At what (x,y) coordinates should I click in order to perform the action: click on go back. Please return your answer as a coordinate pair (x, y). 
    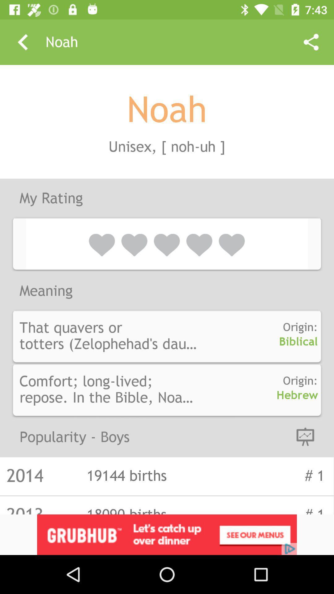
    Looking at the image, I should click on (22, 42).